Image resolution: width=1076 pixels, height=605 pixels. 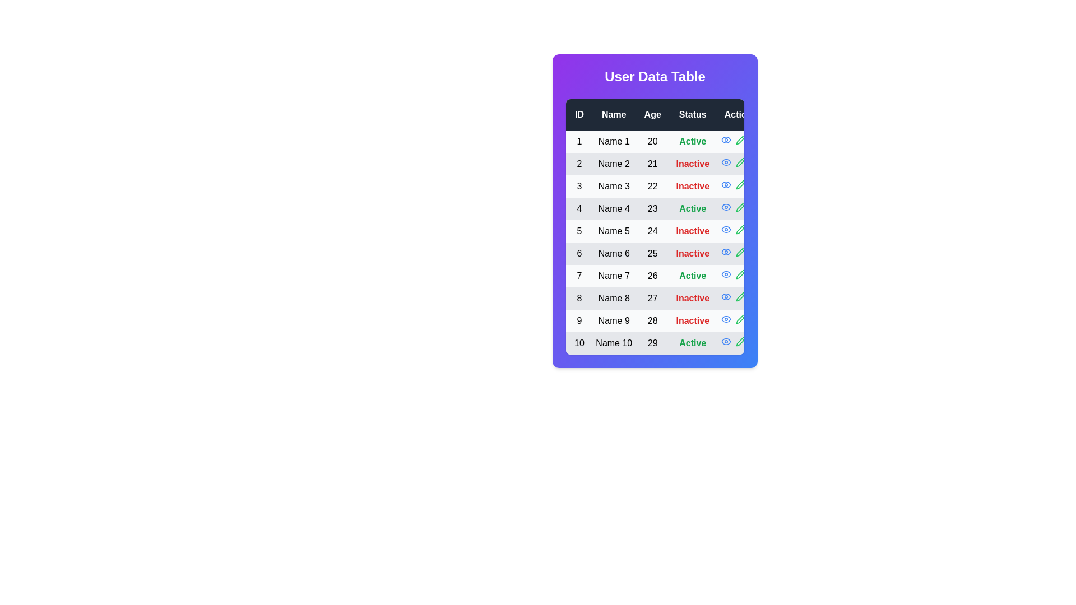 What do you see at coordinates (652, 114) in the screenshot?
I see `the header Age to sort the table by that column` at bounding box center [652, 114].